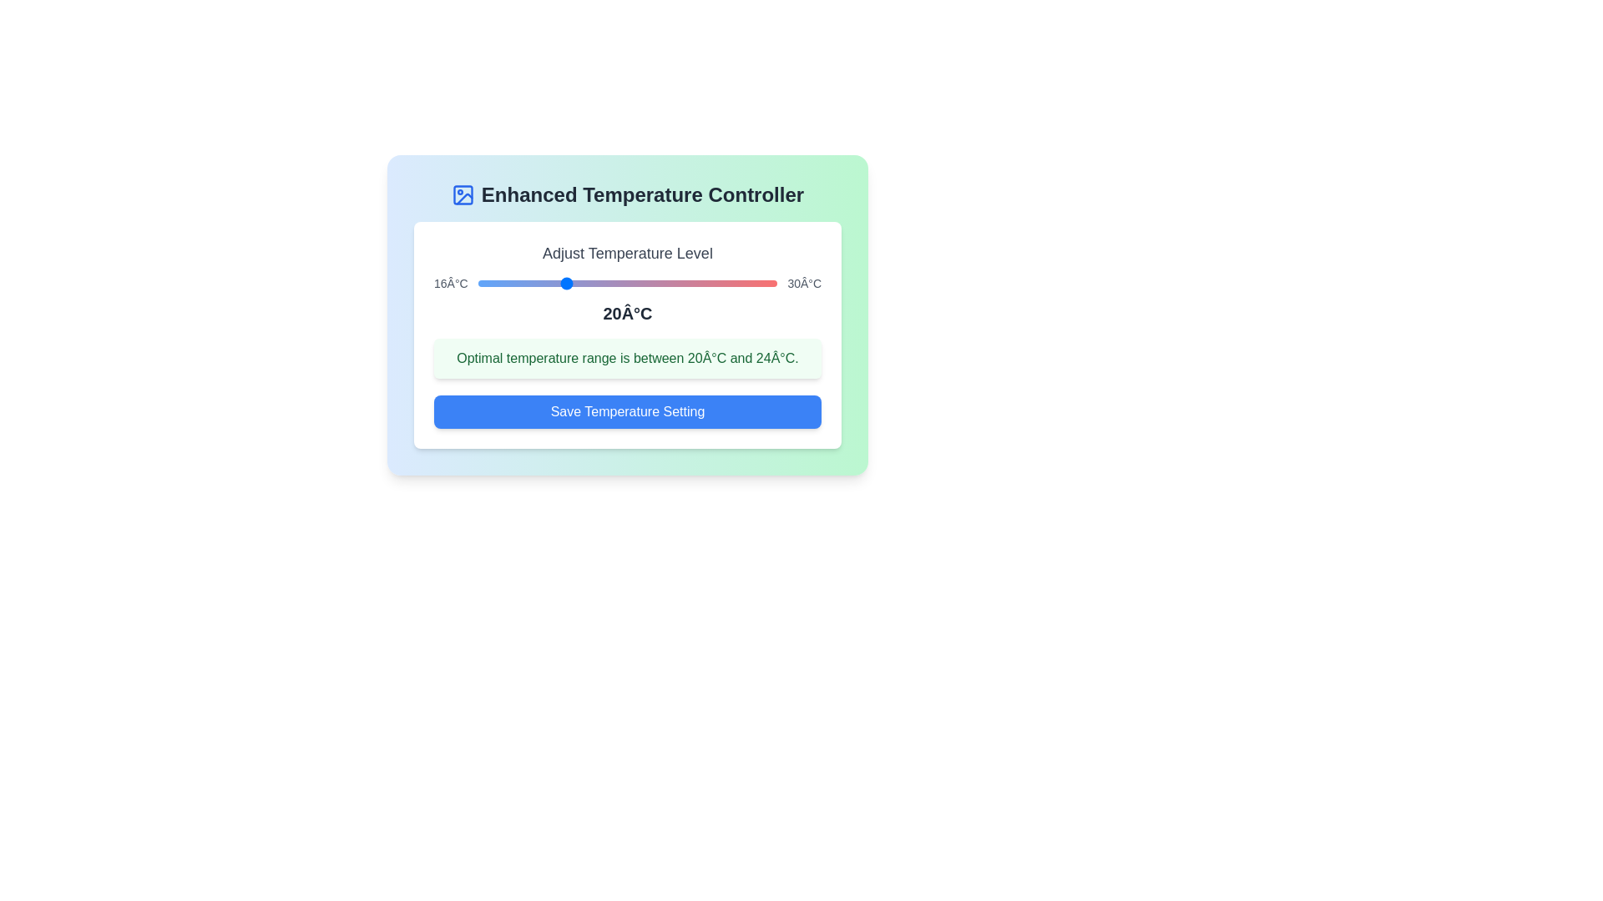  I want to click on the temperature to 18°C using the slider, so click(519, 282).